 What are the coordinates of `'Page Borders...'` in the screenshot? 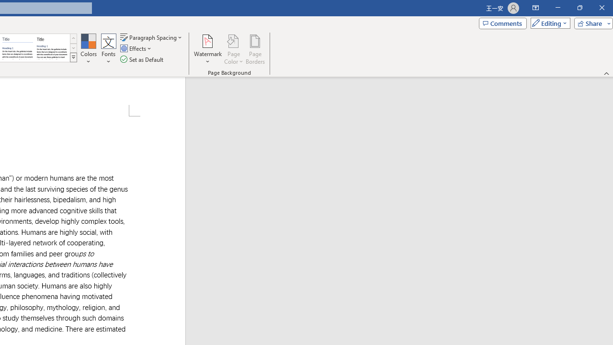 It's located at (255, 49).